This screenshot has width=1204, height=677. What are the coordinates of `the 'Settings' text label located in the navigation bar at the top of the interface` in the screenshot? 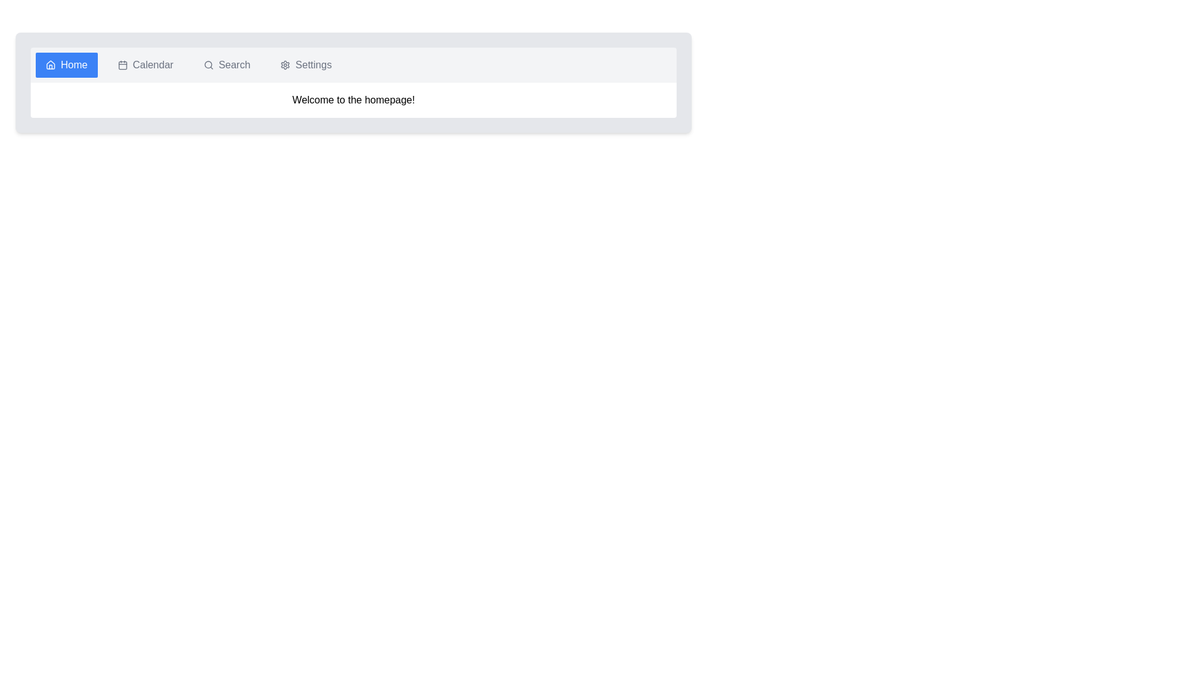 It's located at (313, 65).